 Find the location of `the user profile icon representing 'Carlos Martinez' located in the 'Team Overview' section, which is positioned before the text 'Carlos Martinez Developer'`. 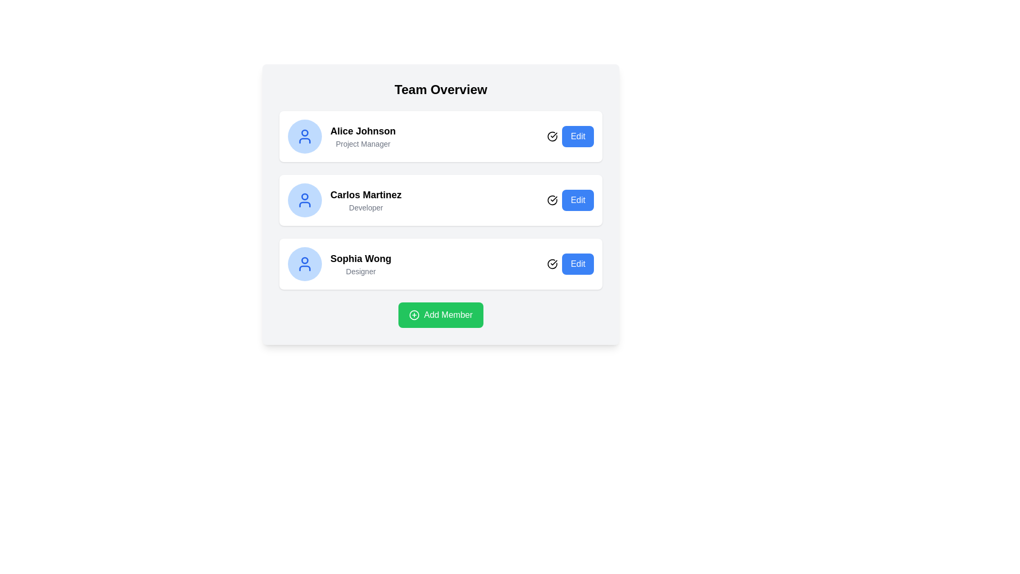

the user profile icon representing 'Carlos Martinez' located in the 'Team Overview' section, which is positioned before the text 'Carlos Martinez Developer' is located at coordinates (304, 200).